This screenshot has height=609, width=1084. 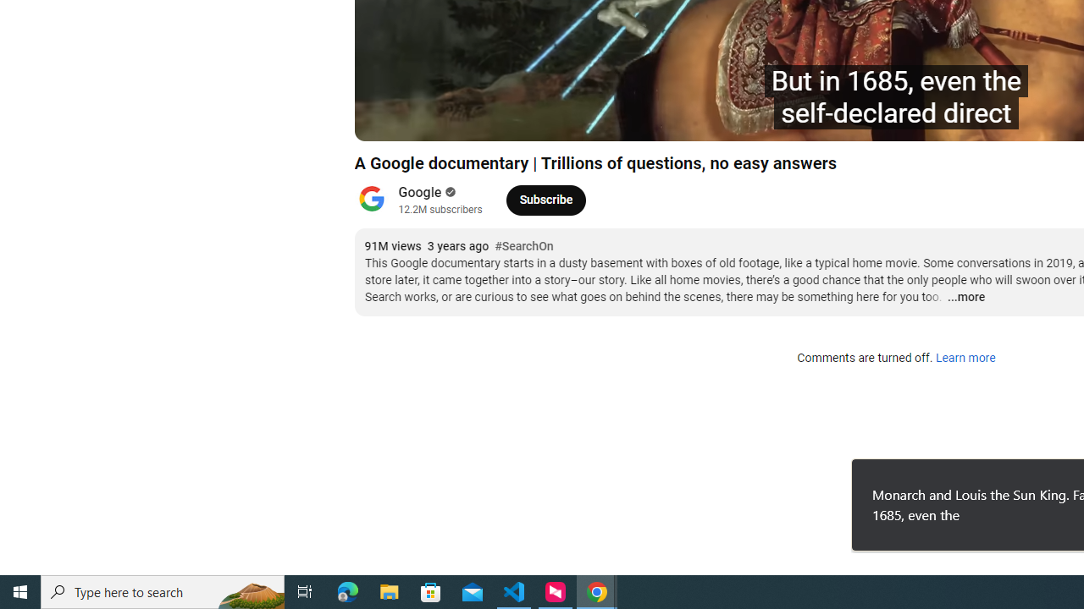 I want to click on 'Mute (m)', so click(x=464, y=119).